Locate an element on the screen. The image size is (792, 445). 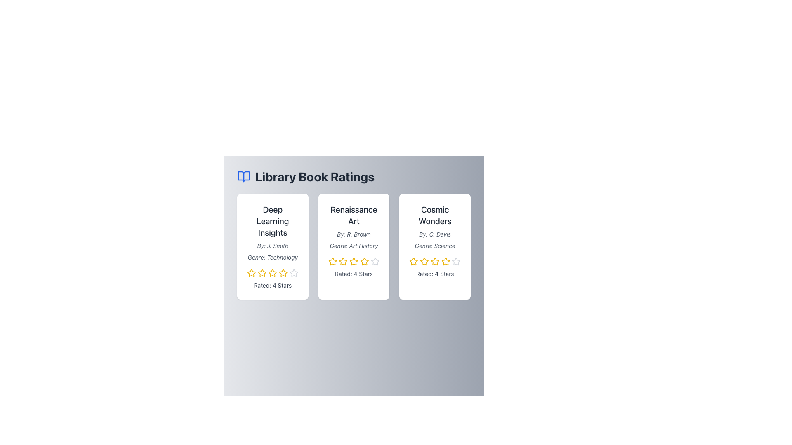
the fifth star icon in the rating system under the 'Cosmic Wonders' card, located on the far-right side of the interface is located at coordinates (456, 262).